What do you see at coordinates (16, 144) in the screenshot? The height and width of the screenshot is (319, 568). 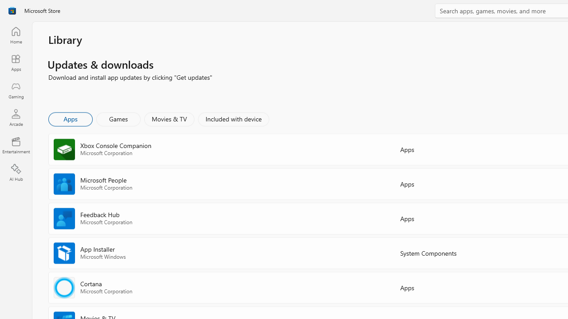 I see `'Entertainment'` at bounding box center [16, 144].